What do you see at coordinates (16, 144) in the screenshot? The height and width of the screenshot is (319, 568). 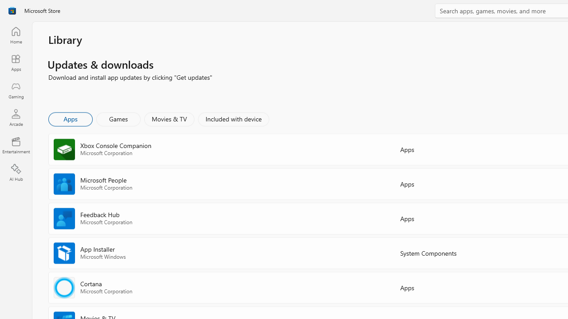 I see `'Entertainment'` at bounding box center [16, 144].